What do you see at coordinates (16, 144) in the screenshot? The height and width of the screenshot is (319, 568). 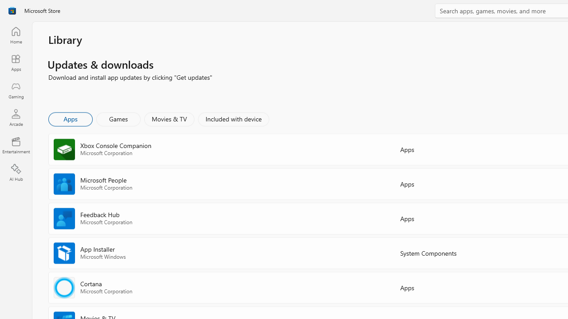 I see `'Entertainment'` at bounding box center [16, 144].